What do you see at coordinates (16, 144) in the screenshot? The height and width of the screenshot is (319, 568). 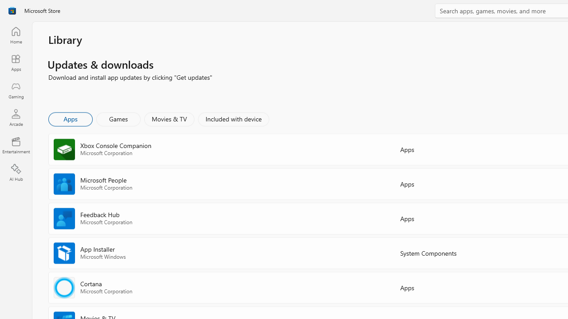 I see `'Entertainment'` at bounding box center [16, 144].